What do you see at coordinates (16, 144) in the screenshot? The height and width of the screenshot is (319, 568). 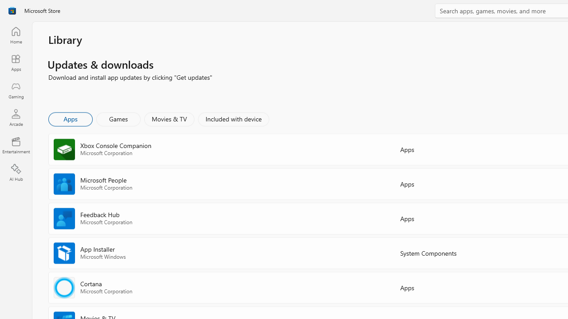 I see `'Entertainment'` at bounding box center [16, 144].